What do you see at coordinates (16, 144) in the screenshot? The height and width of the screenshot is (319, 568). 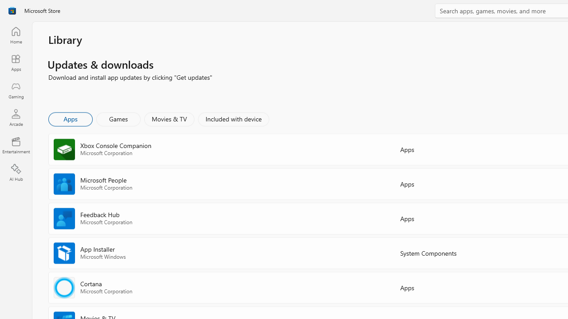 I see `'Entertainment'` at bounding box center [16, 144].